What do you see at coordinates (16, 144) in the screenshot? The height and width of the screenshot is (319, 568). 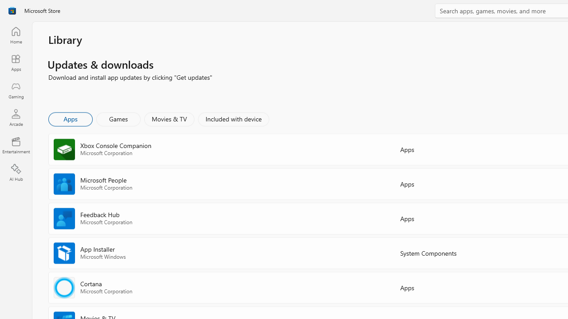 I see `'Entertainment'` at bounding box center [16, 144].